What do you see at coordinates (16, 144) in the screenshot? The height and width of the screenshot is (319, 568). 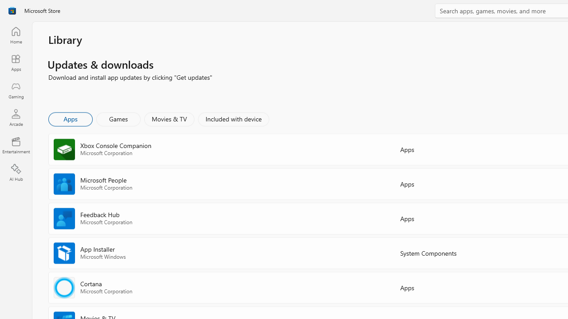 I see `'Entertainment'` at bounding box center [16, 144].